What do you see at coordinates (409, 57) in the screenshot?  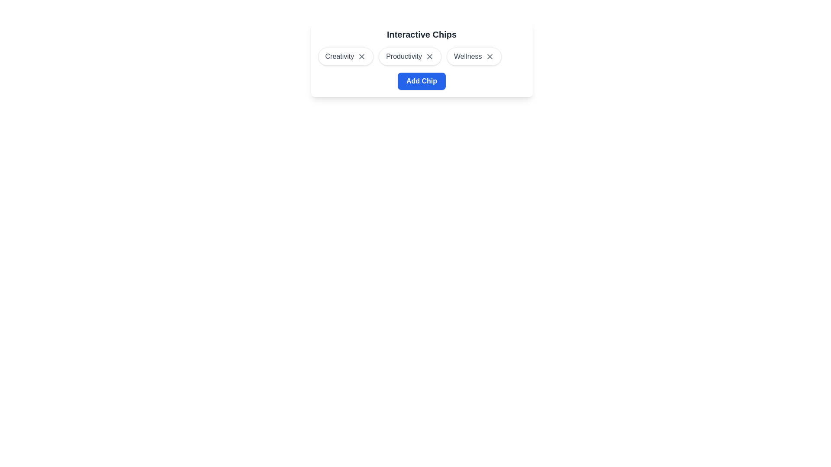 I see `the 'X' icon of the second selectable chip` at bounding box center [409, 57].